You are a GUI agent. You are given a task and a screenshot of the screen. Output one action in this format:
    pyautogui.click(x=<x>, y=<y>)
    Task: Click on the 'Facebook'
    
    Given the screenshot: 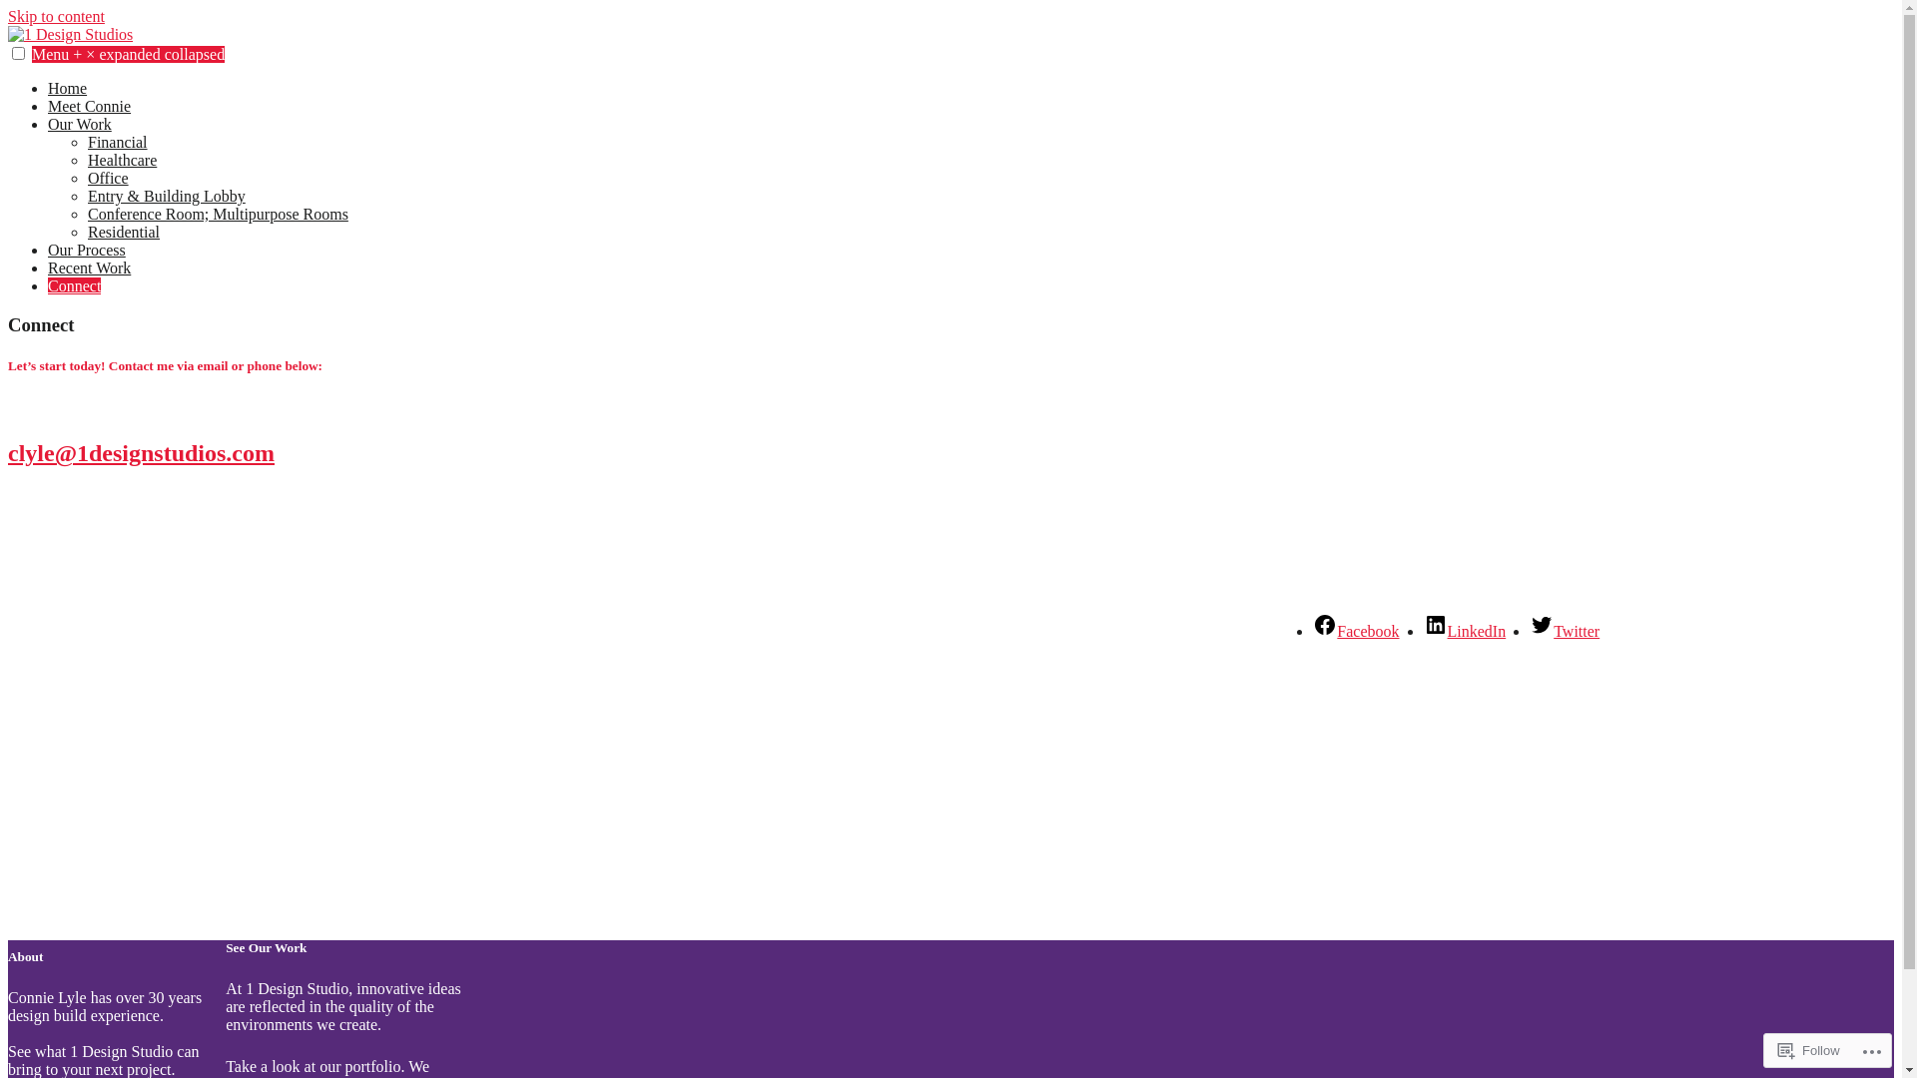 What is the action you would take?
    pyautogui.click(x=1356, y=631)
    